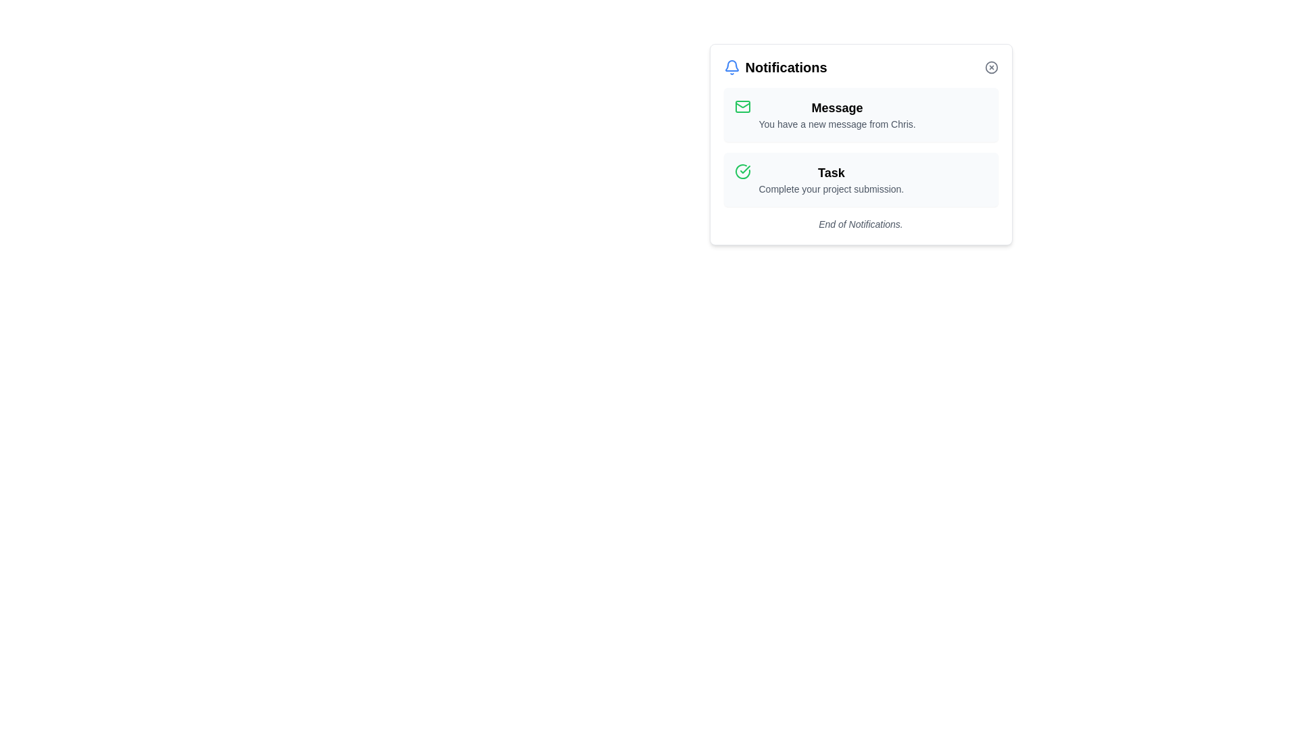  What do you see at coordinates (830, 172) in the screenshot?
I see `the text label displaying 'Task', which is bold and larger in font size, located above the text 'Complete your project submission'` at bounding box center [830, 172].